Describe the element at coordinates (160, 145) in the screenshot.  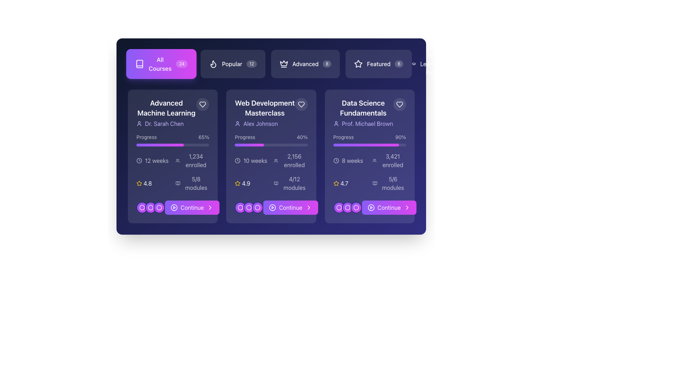
I see `the visual representation of the filled portion of the progress bar indicating 65% completion for the 'Advanced Machine Learning' course, located below the 'Progress' label` at that location.